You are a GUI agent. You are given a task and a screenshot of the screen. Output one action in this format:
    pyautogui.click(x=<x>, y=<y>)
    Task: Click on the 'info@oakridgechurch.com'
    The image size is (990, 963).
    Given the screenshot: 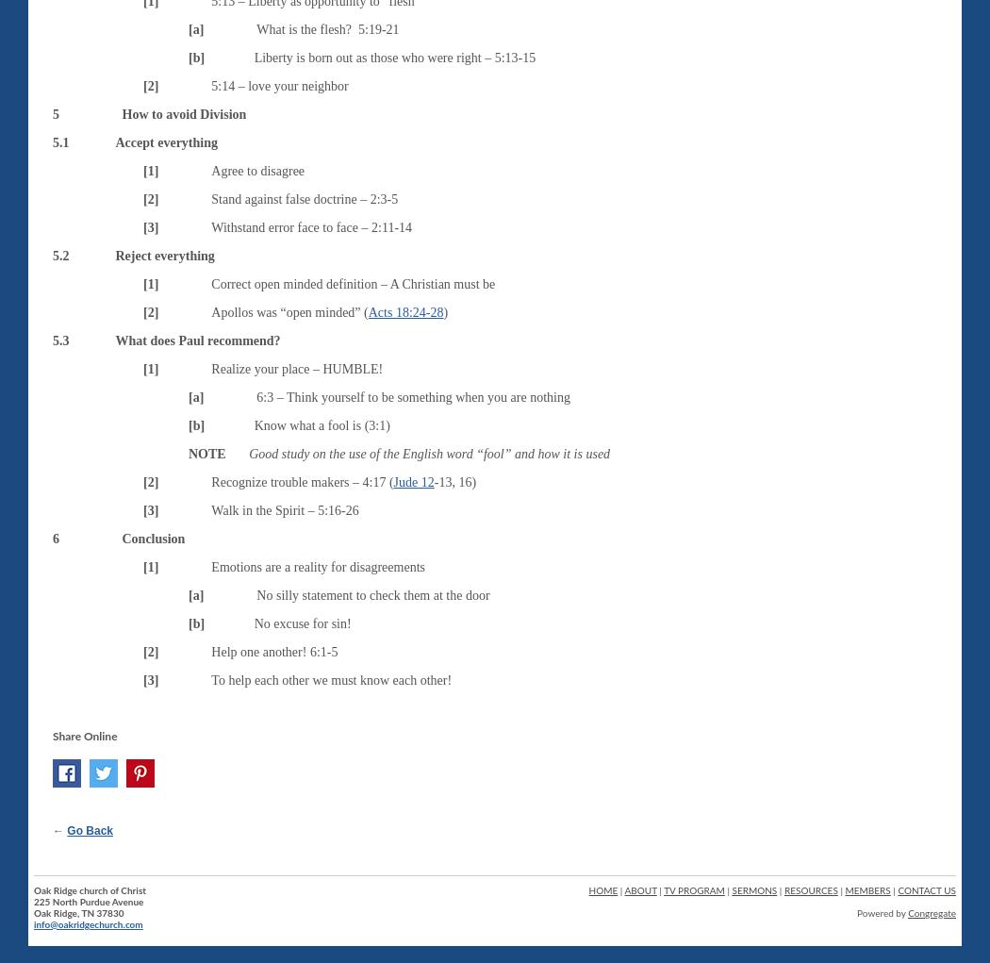 What is the action you would take?
    pyautogui.click(x=88, y=922)
    